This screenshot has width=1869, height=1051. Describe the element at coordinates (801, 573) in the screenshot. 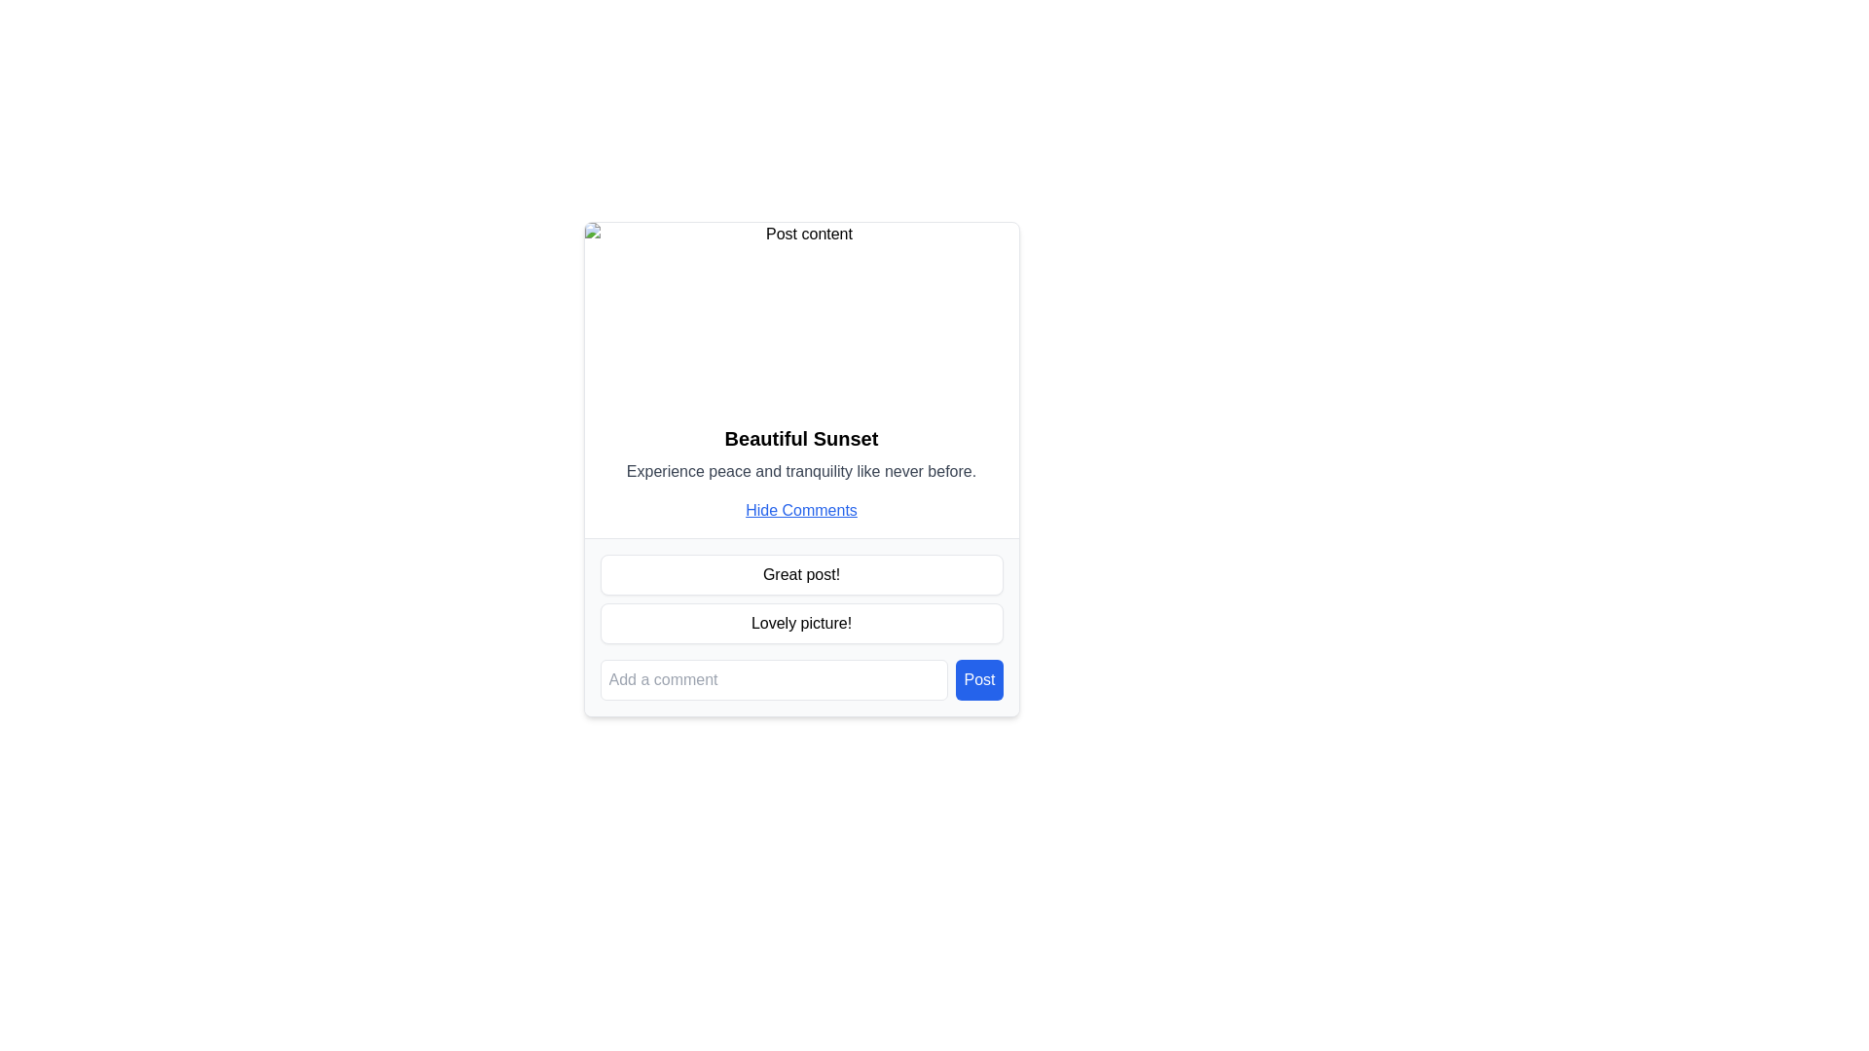

I see `the first comment box displaying the text 'Great post!' located below the 'Beautiful Sunset' content section` at that location.